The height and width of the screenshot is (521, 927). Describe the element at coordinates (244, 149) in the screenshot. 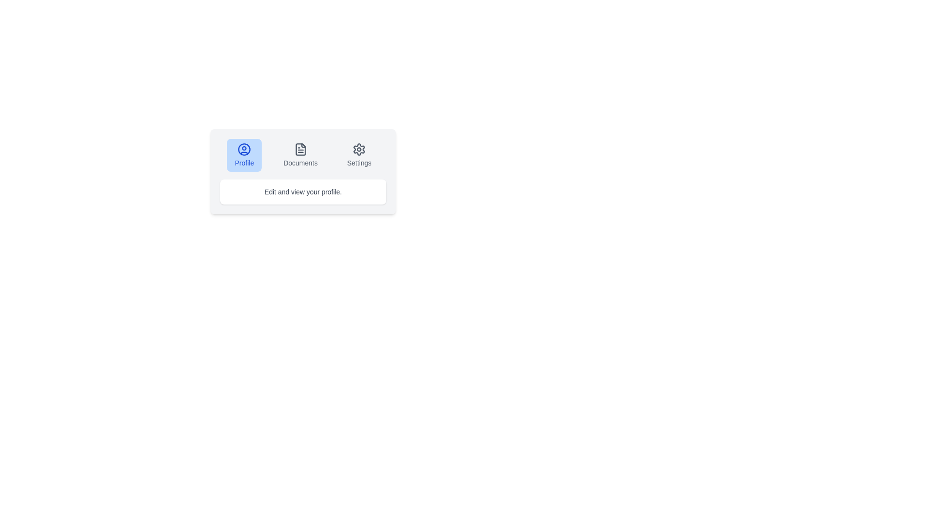

I see `the 'Profile' icon, which visually represents user account options and is located above the 'Profile' label in the first section of the options row` at that location.